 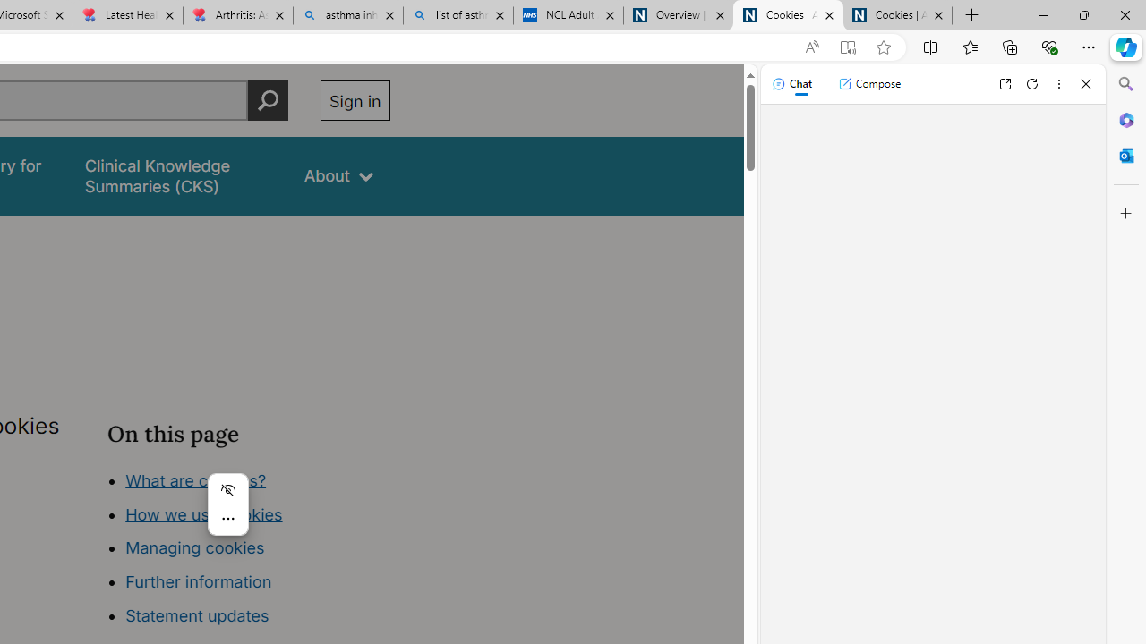 I want to click on 'Further information', so click(x=199, y=581).